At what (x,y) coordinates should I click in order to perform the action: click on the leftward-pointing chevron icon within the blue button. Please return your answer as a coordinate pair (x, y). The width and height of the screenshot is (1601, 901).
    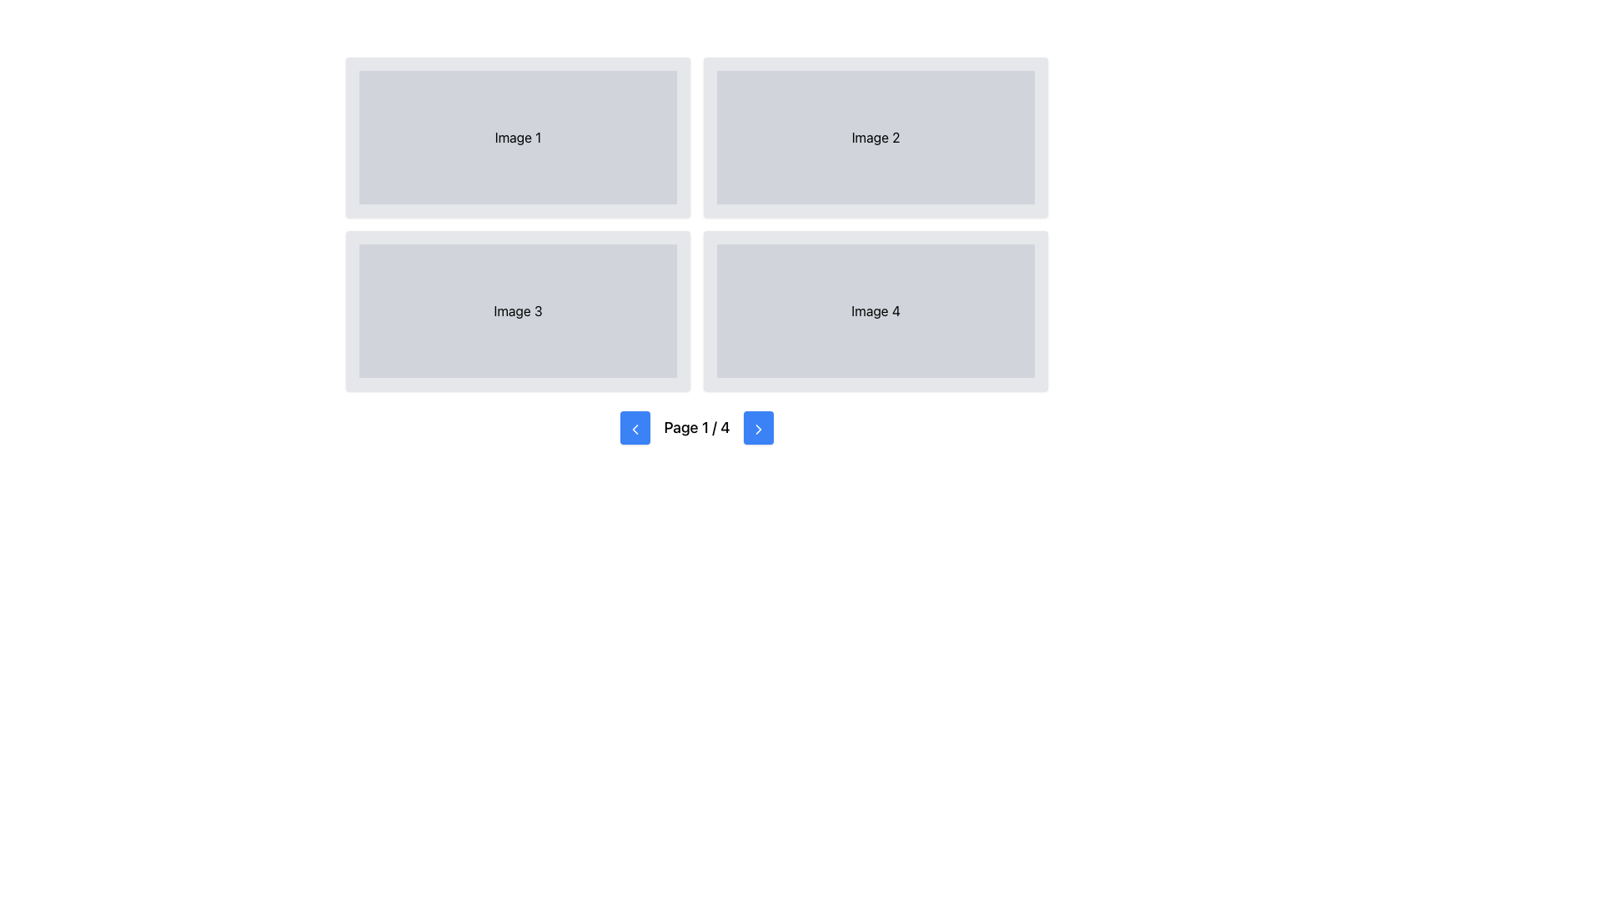
    Looking at the image, I should click on (635, 428).